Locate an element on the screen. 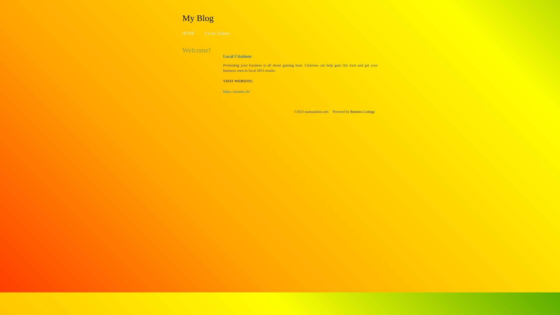  'Business Listings' is located at coordinates (362, 111).